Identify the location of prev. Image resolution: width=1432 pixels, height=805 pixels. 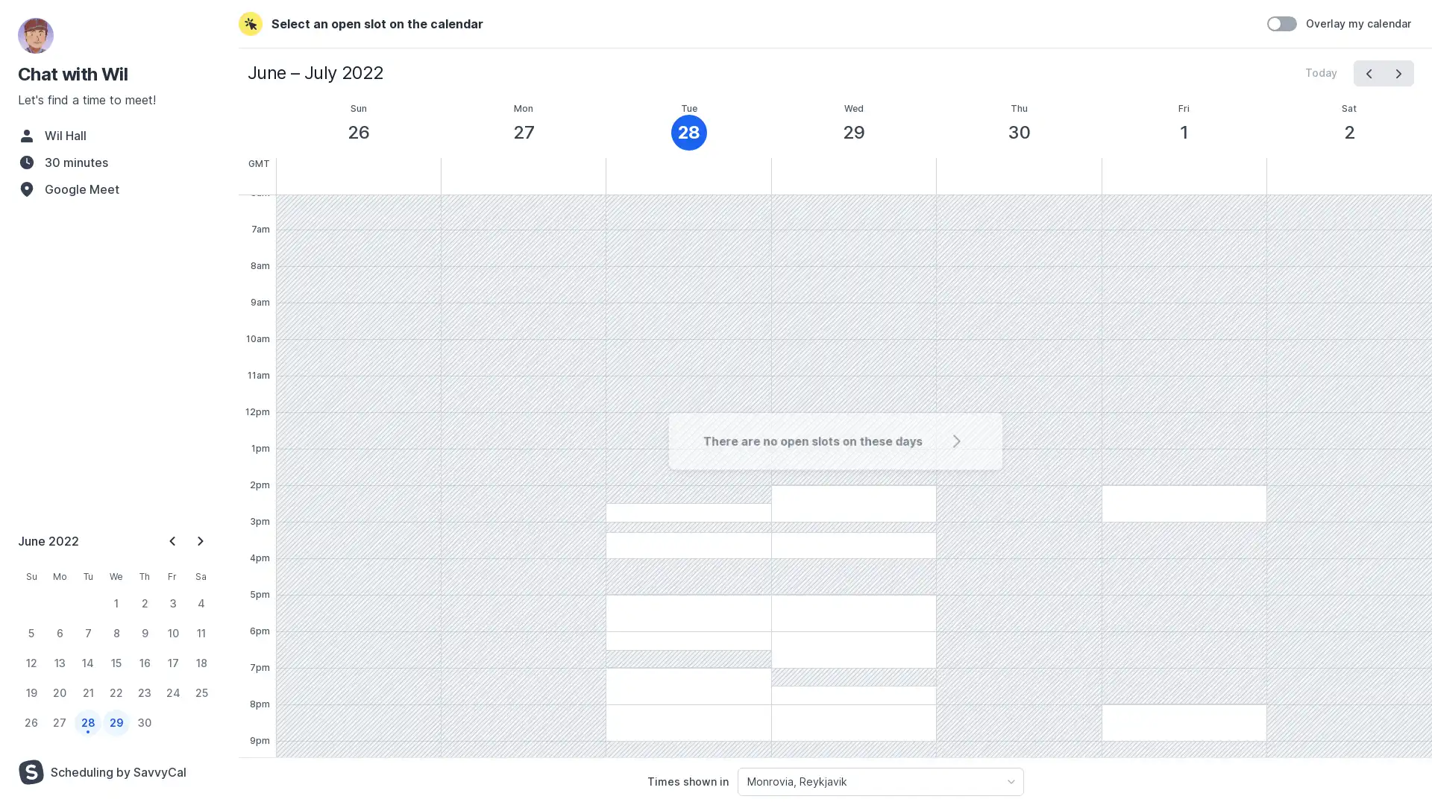
(1368, 72).